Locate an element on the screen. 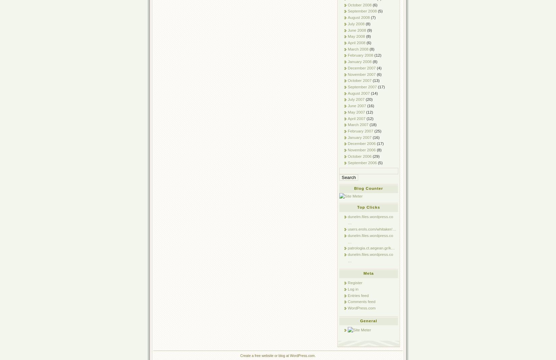 The image size is (556, 360). 'May 2008' is located at coordinates (356, 36).